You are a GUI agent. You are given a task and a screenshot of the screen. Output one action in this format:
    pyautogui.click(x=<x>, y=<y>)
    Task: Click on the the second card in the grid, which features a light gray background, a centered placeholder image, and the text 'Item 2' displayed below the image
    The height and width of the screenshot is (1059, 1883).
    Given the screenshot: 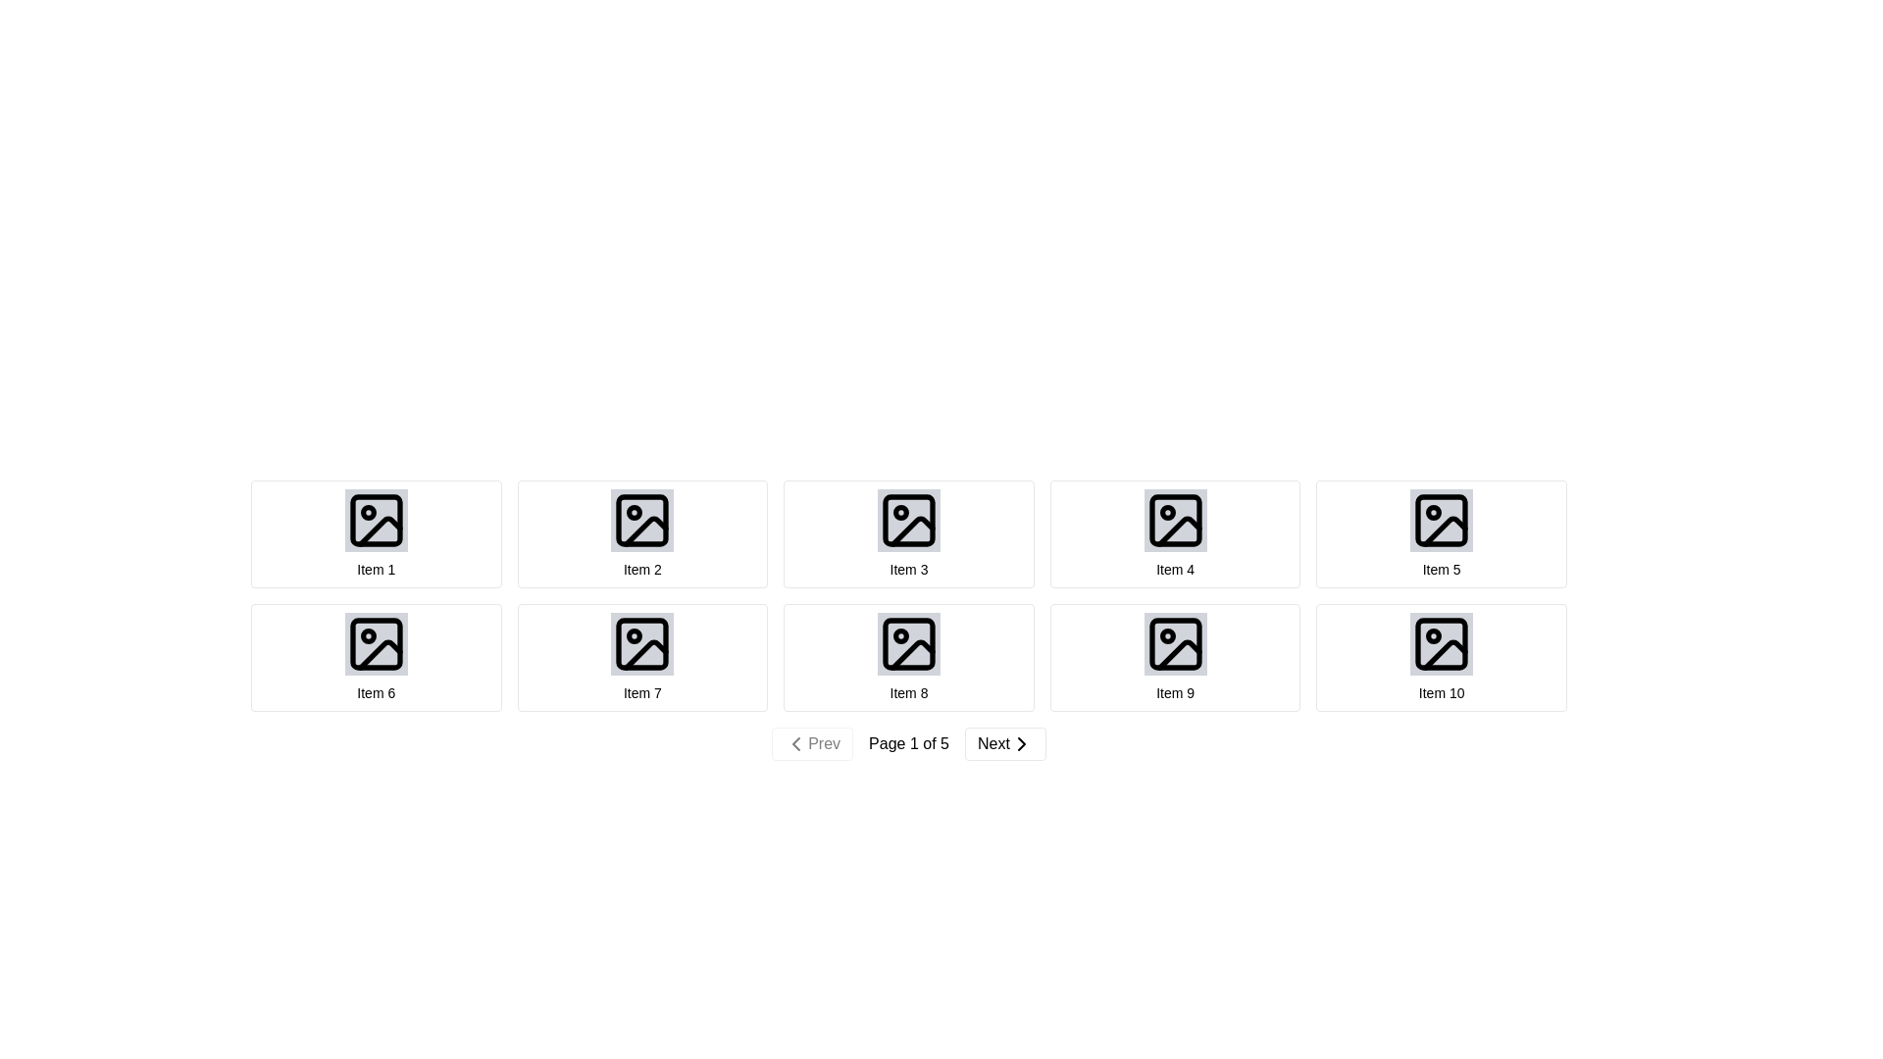 What is the action you would take?
    pyautogui.click(x=642, y=533)
    